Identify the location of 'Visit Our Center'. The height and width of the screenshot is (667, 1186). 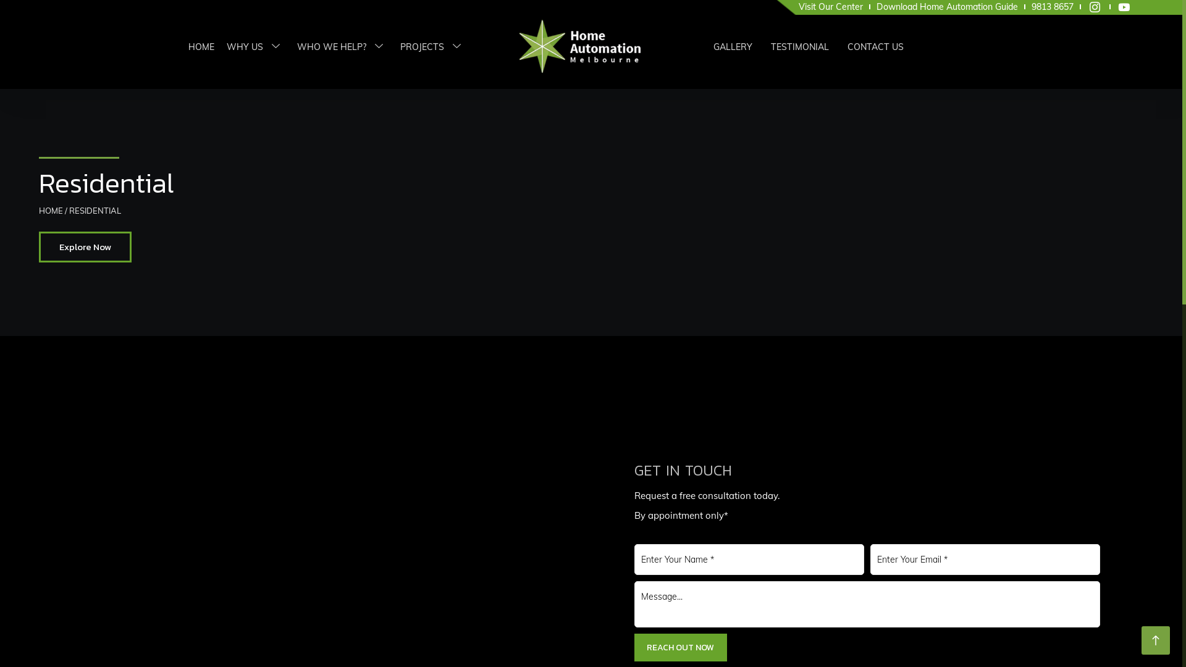
(830, 7).